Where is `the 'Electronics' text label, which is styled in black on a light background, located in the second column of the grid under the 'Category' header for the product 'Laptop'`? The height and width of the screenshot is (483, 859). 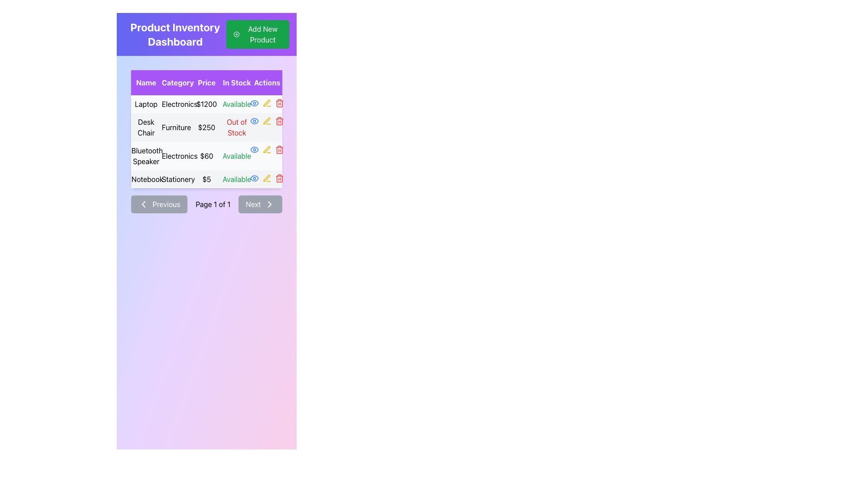
the 'Electronics' text label, which is styled in black on a light background, located in the second column of the grid under the 'Category' header for the product 'Laptop' is located at coordinates (176, 103).